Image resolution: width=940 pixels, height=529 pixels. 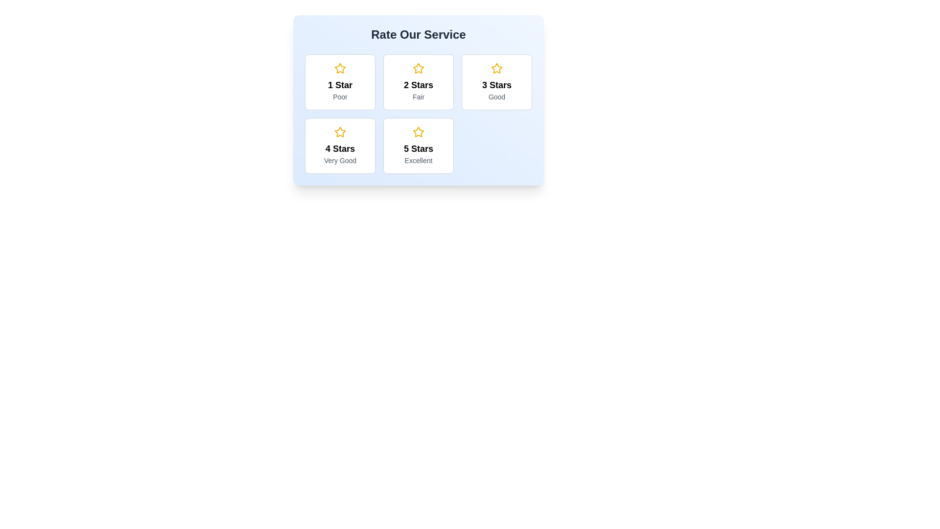 What do you see at coordinates (418, 82) in the screenshot?
I see `the '2 Stars' rating button labeled 'Fair'` at bounding box center [418, 82].